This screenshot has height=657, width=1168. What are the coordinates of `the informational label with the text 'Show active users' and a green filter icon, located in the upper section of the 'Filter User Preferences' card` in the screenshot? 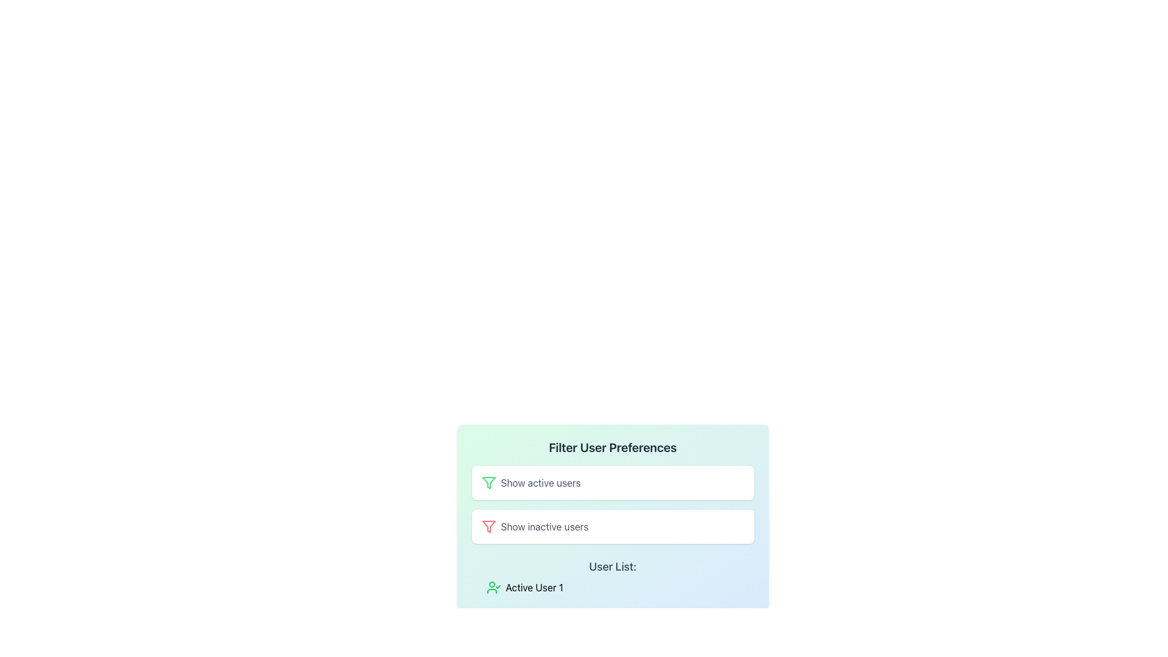 It's located at (531, 482).